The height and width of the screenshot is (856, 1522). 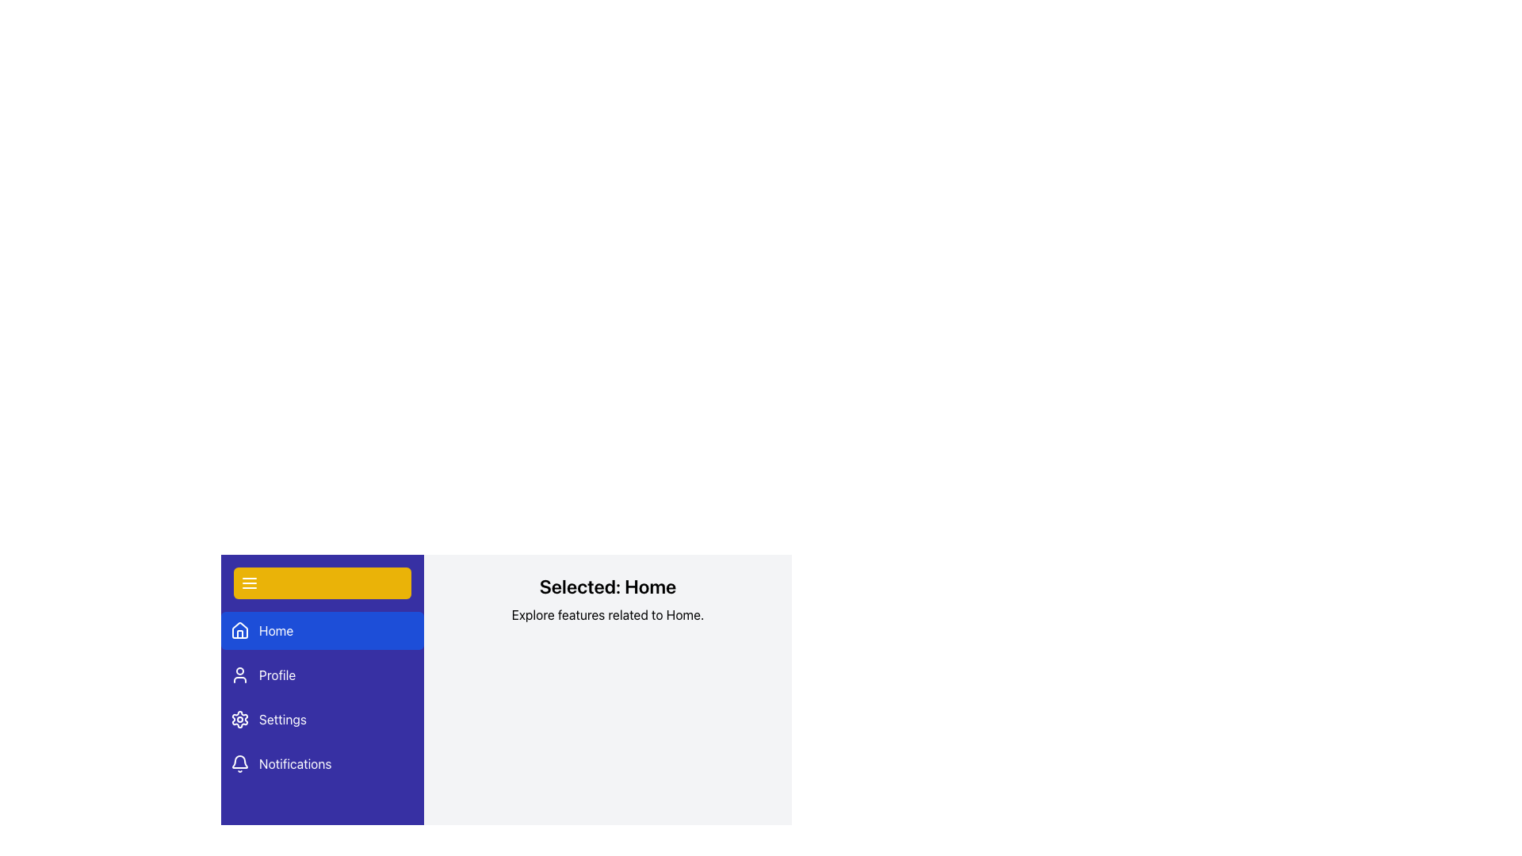 I want to click on the descriptive text display associated with the 'Home' section, located below the headline 'Selected: Home', so click(x=607, y=613).